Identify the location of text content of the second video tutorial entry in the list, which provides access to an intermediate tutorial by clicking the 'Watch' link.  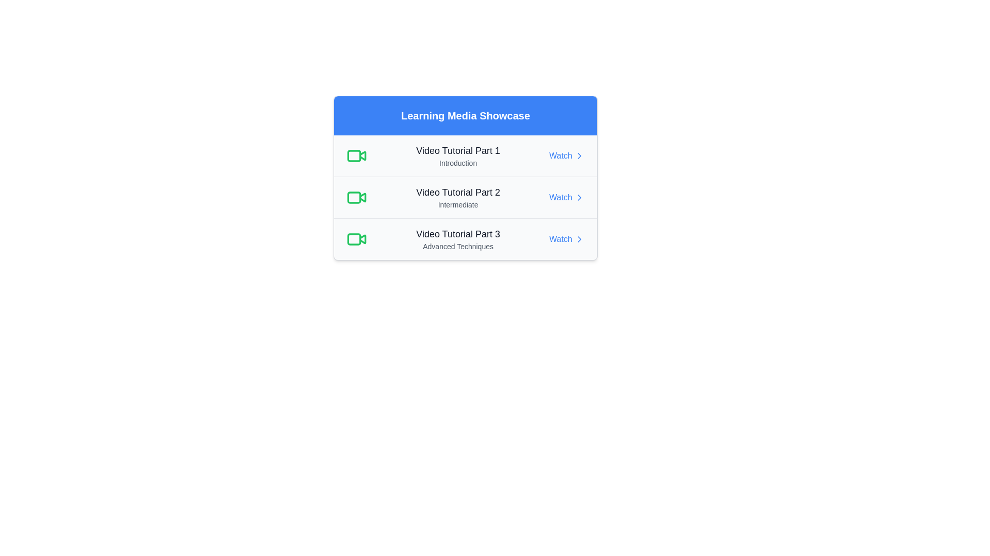
(465, 198).